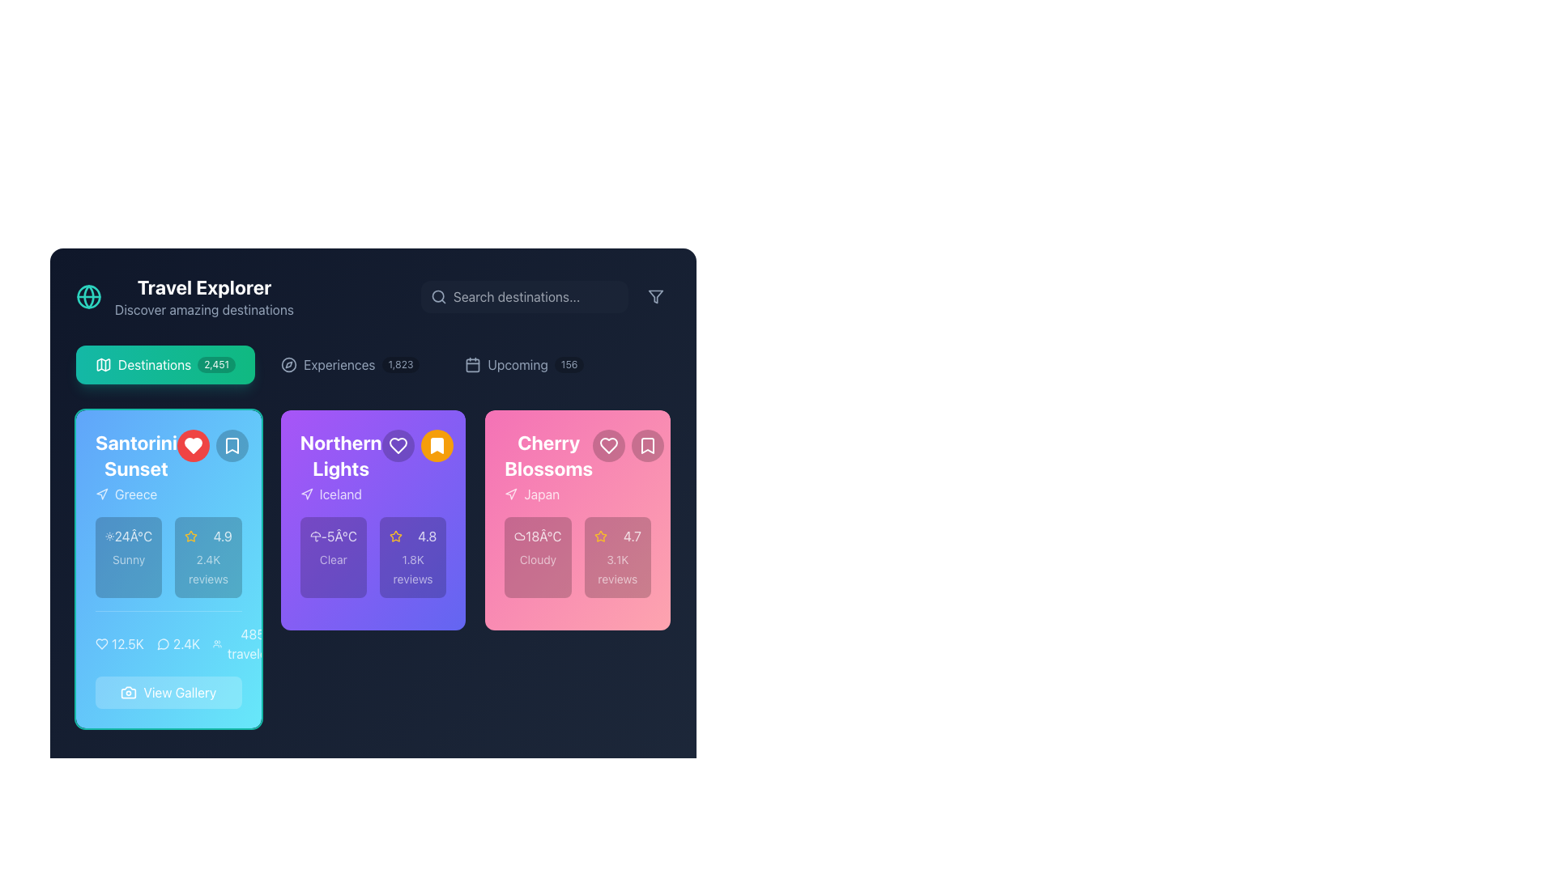  Describe the element at coordinates (215, 365) in the screenshot. I see `the informational badge indicating the count of destinations available, which is positioned to the right of the 'Destinations' button in the navigation section` at that location.